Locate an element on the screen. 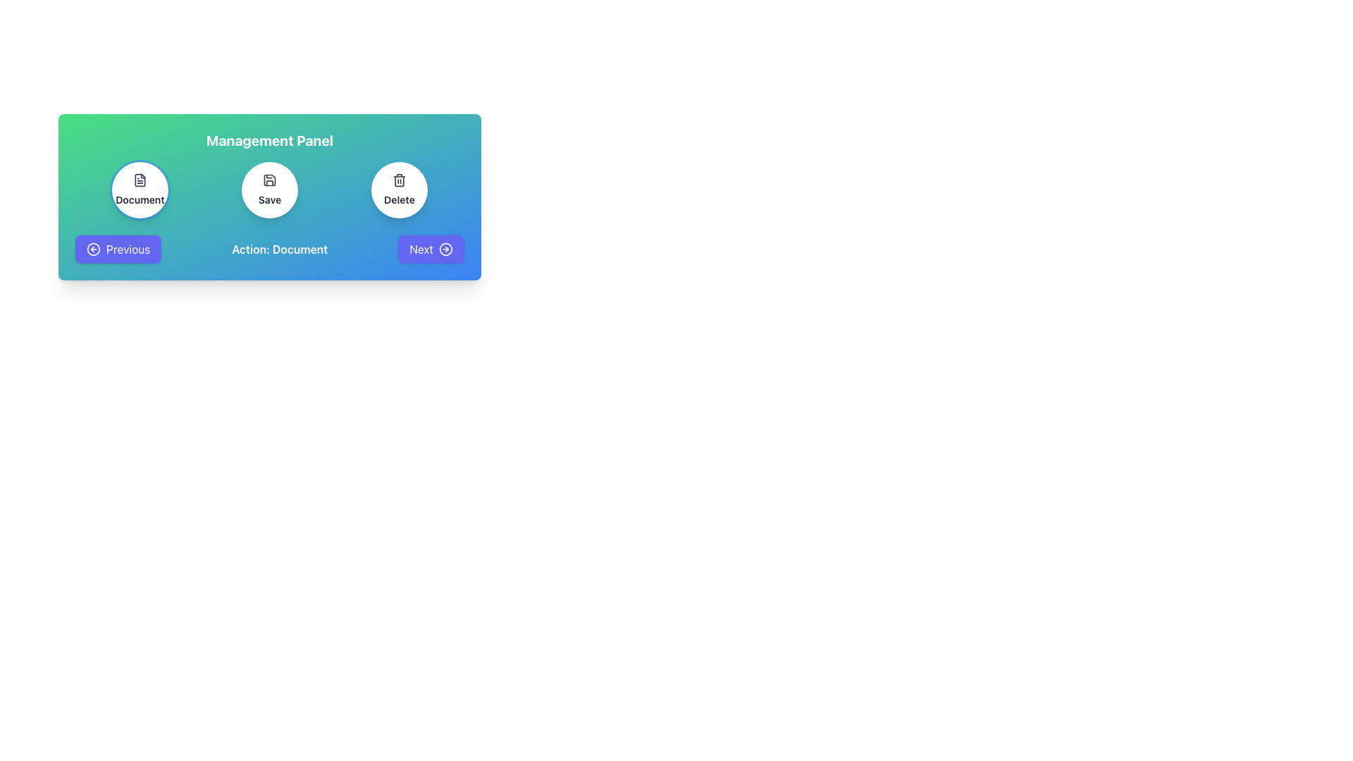 Image resolution: width=1353 pixels, height=761 pixels. the trash bin icon, which symbolizes a delete action and is located within the third circular button from the left, aligned with the 'Delete' label is located at coordinates (398, 179).